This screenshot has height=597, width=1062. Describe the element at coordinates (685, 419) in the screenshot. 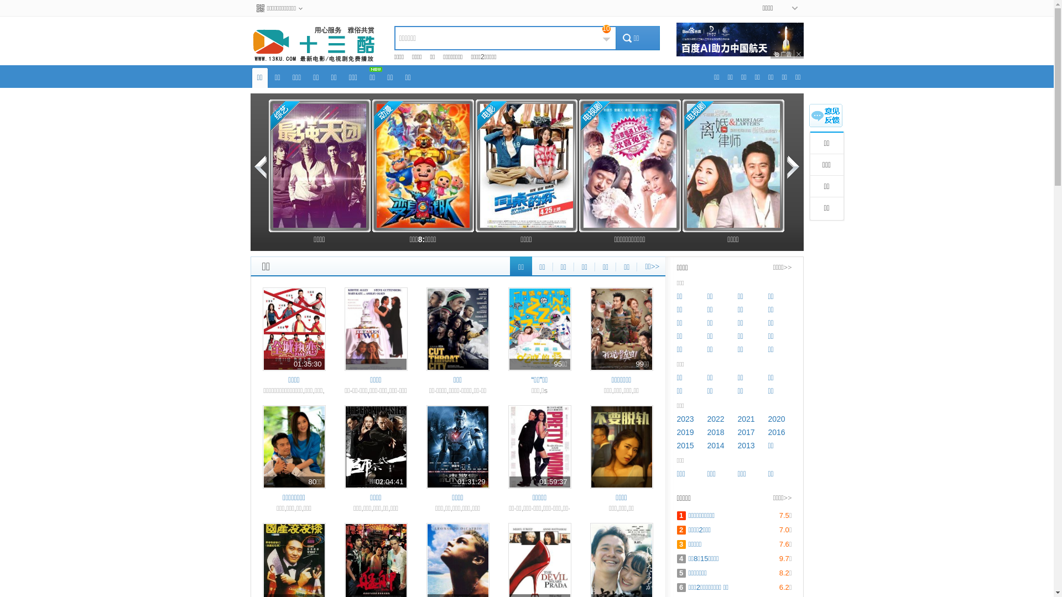

I see `'2023'` at that location.